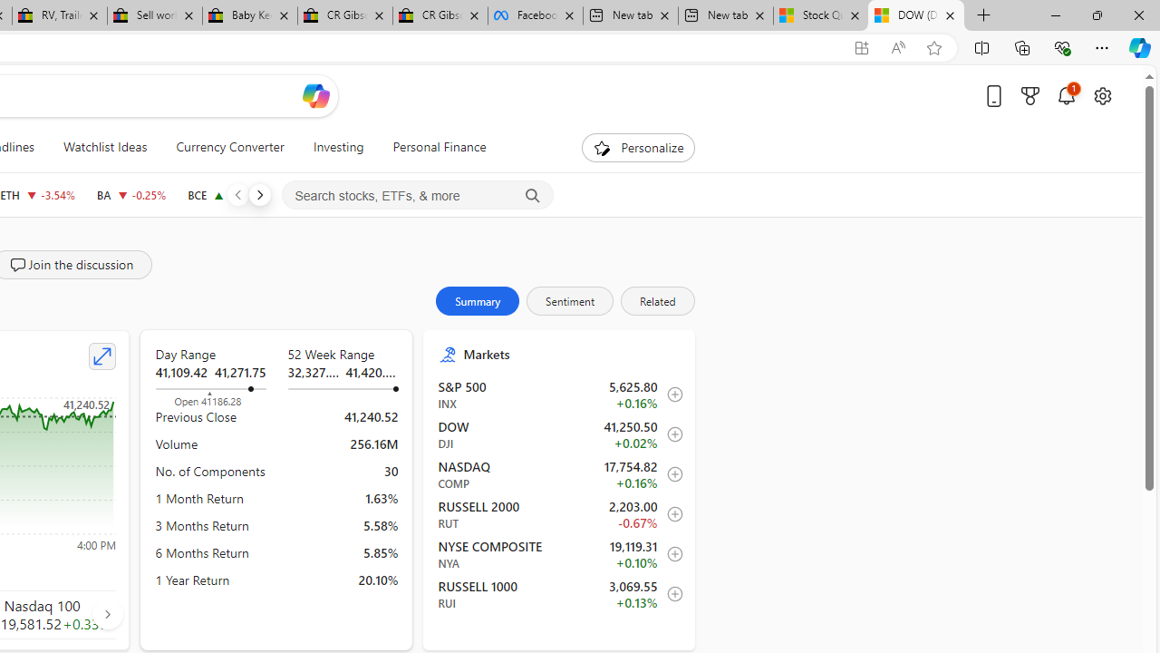 This screenshot has width=1160, height=653. I want to click on 'Watchlist Ideas', so click(103, 147).